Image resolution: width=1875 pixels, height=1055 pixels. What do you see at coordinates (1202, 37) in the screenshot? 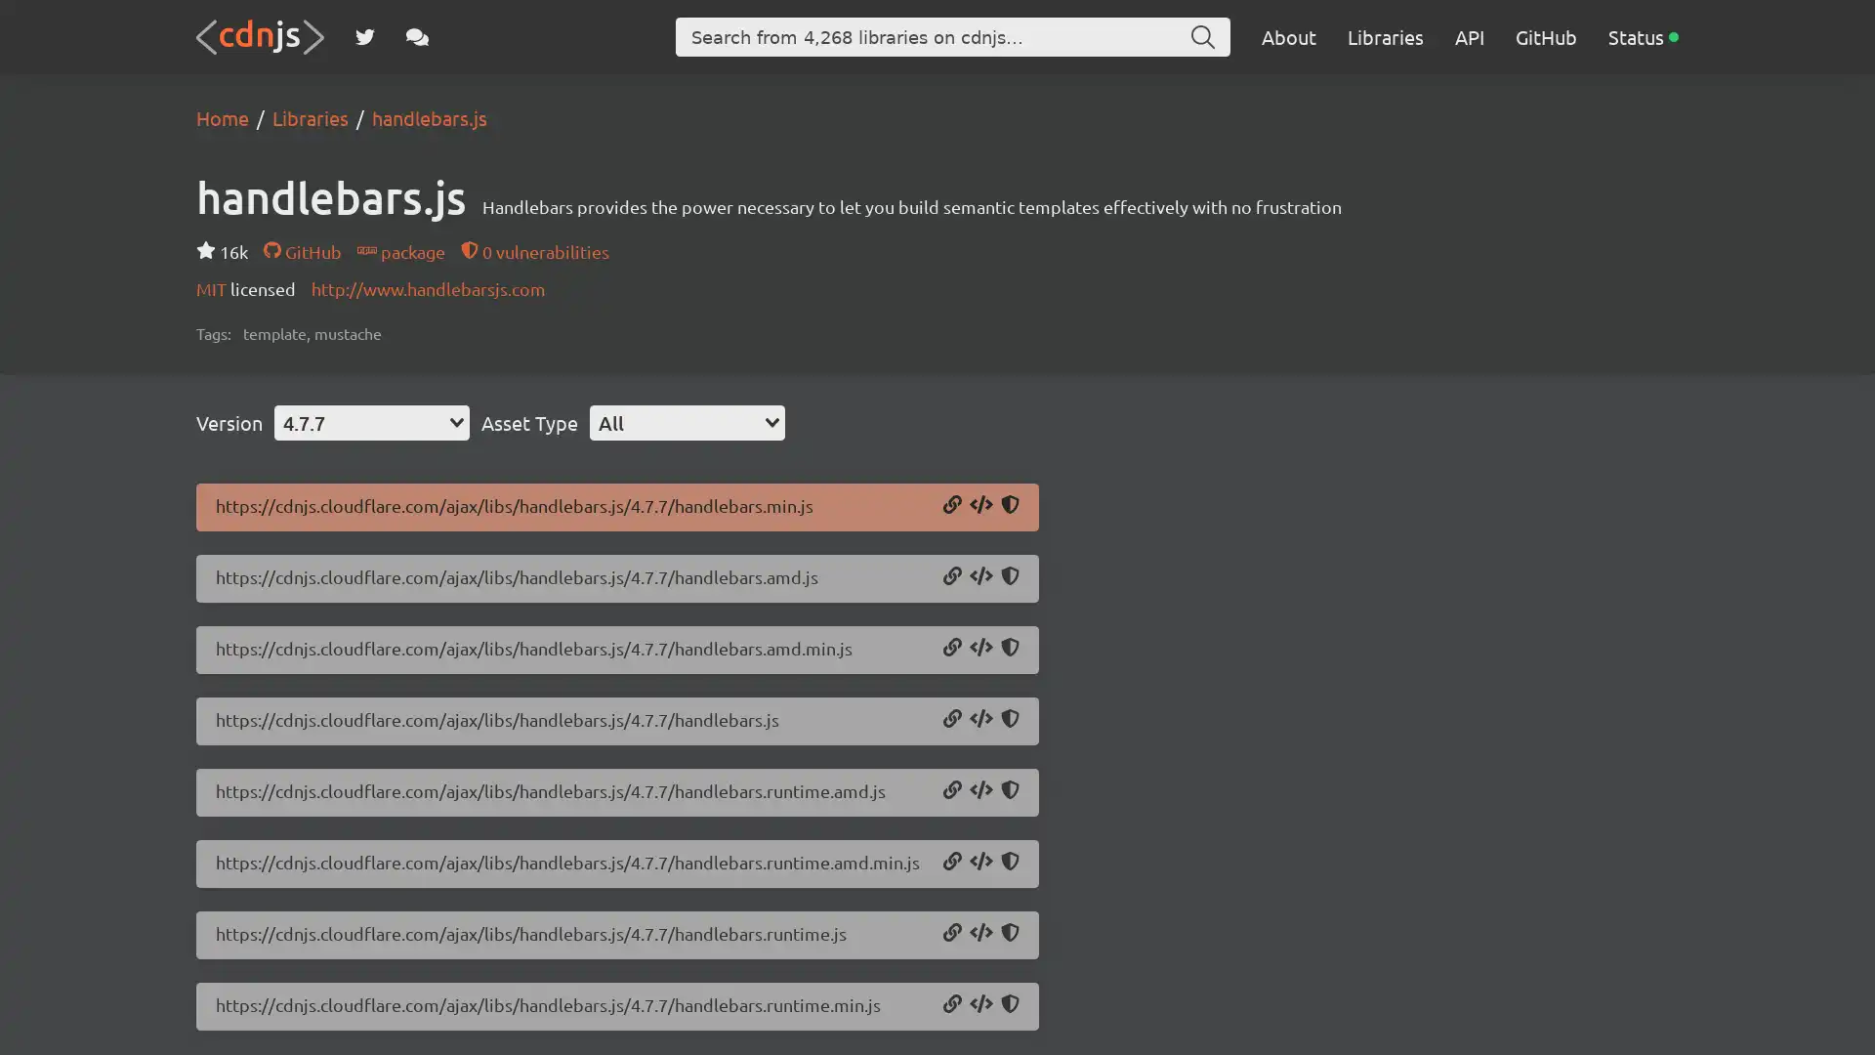
I see `Search` at bounding box center [1202, 37].